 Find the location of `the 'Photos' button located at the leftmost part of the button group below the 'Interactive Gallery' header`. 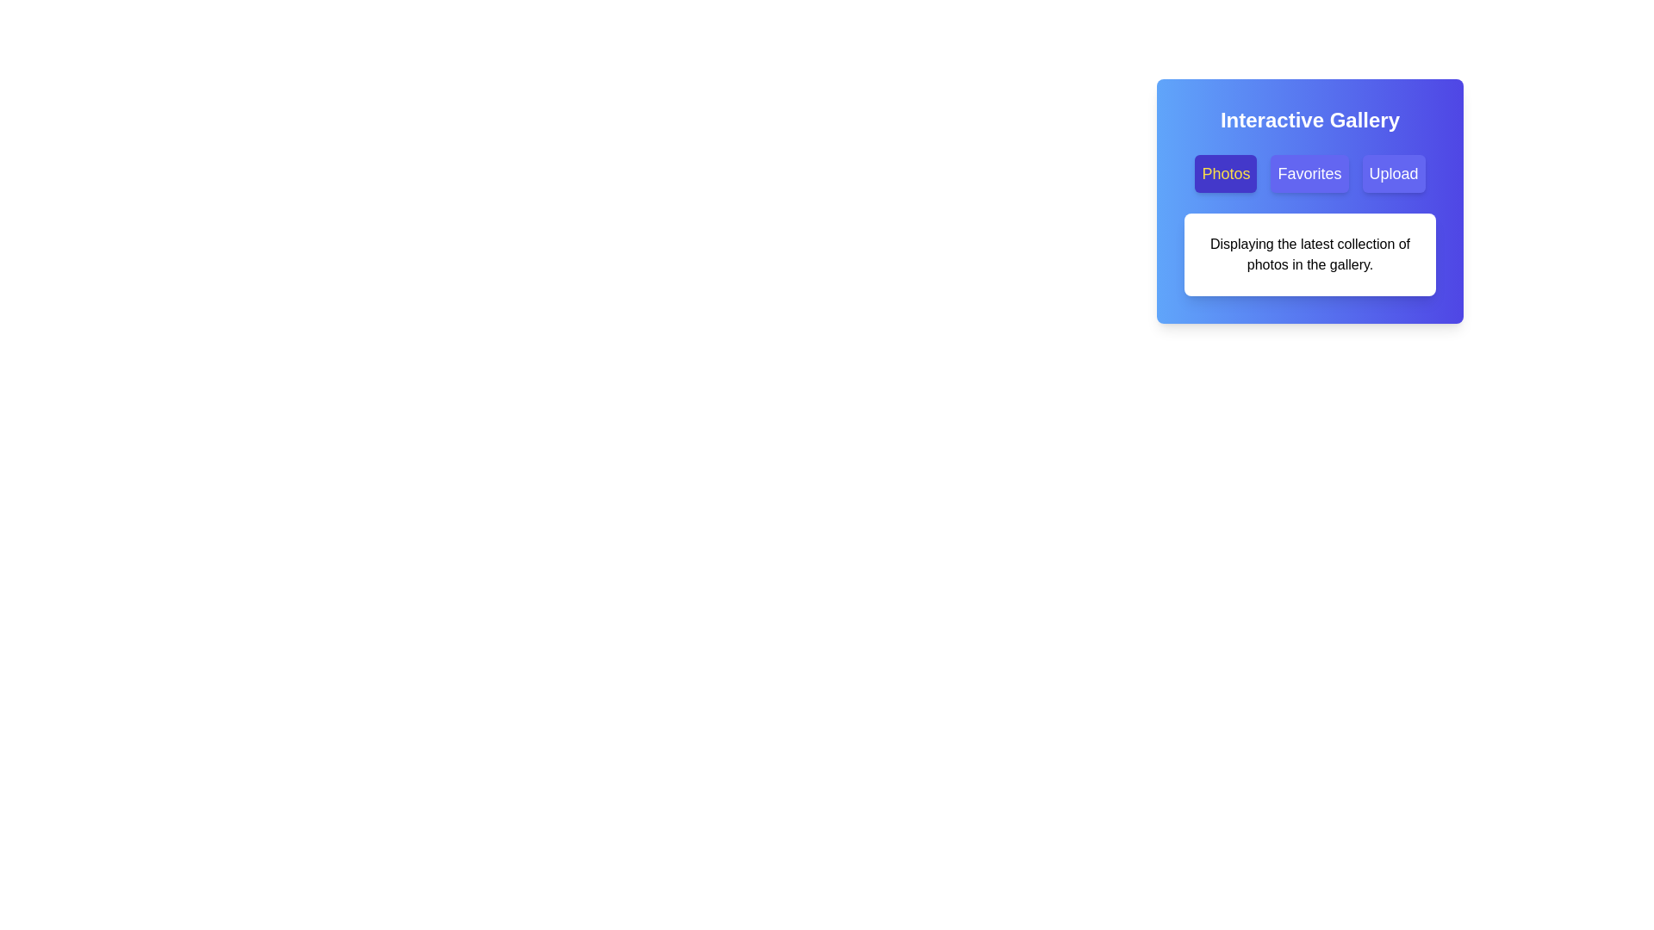

the 'Photos' button located at the leftmost part of the button group below the 'Interactive Gallery' header is located at coordinates (1225, 173).